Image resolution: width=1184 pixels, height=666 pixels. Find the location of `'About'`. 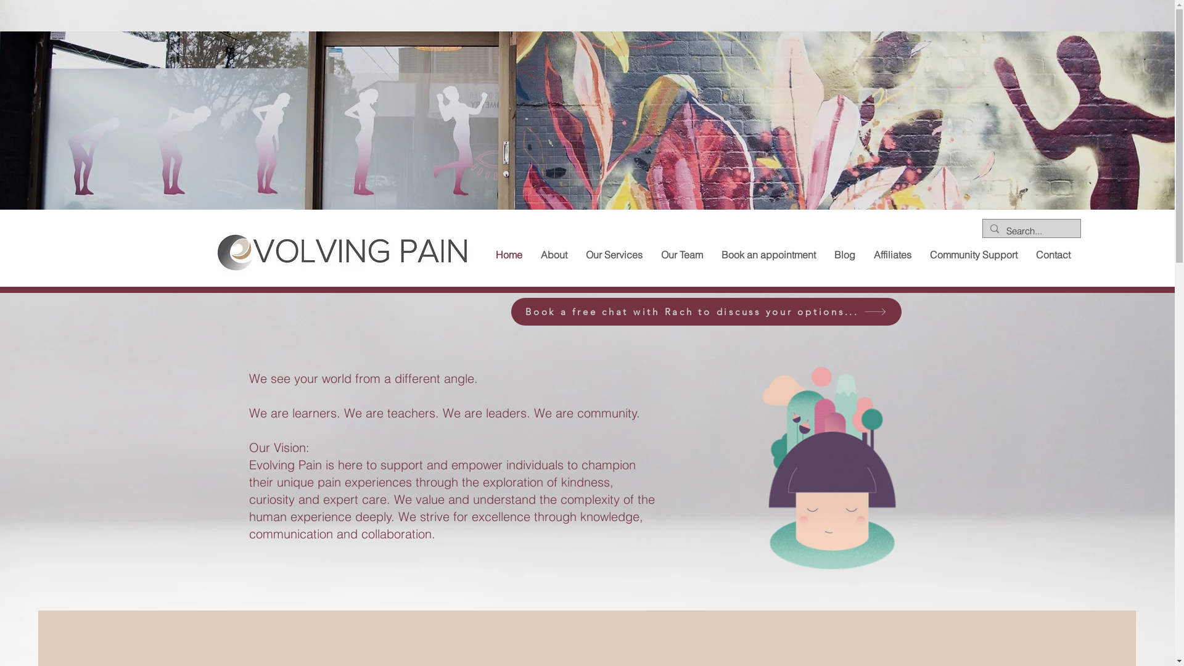

'About' is located at coordinates (553, 254).